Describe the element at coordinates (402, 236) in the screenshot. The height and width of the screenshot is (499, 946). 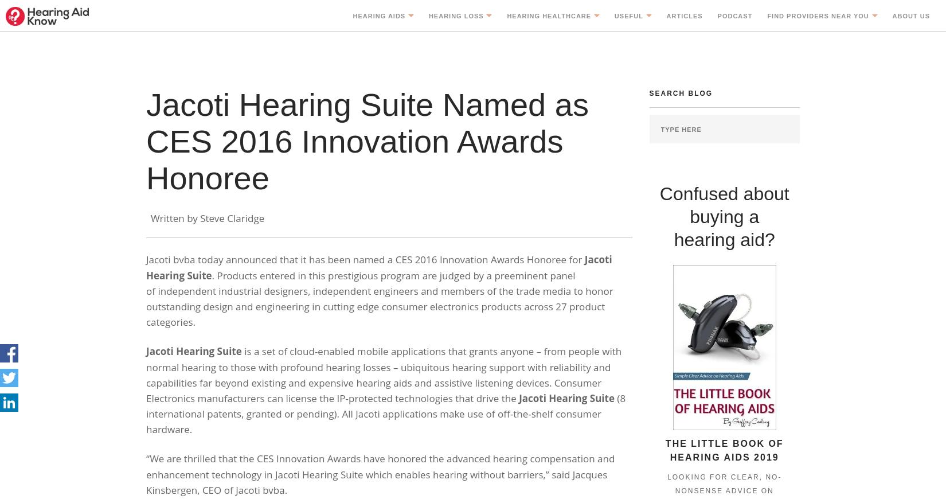
I see `'Made For Android Aids'` at that location.